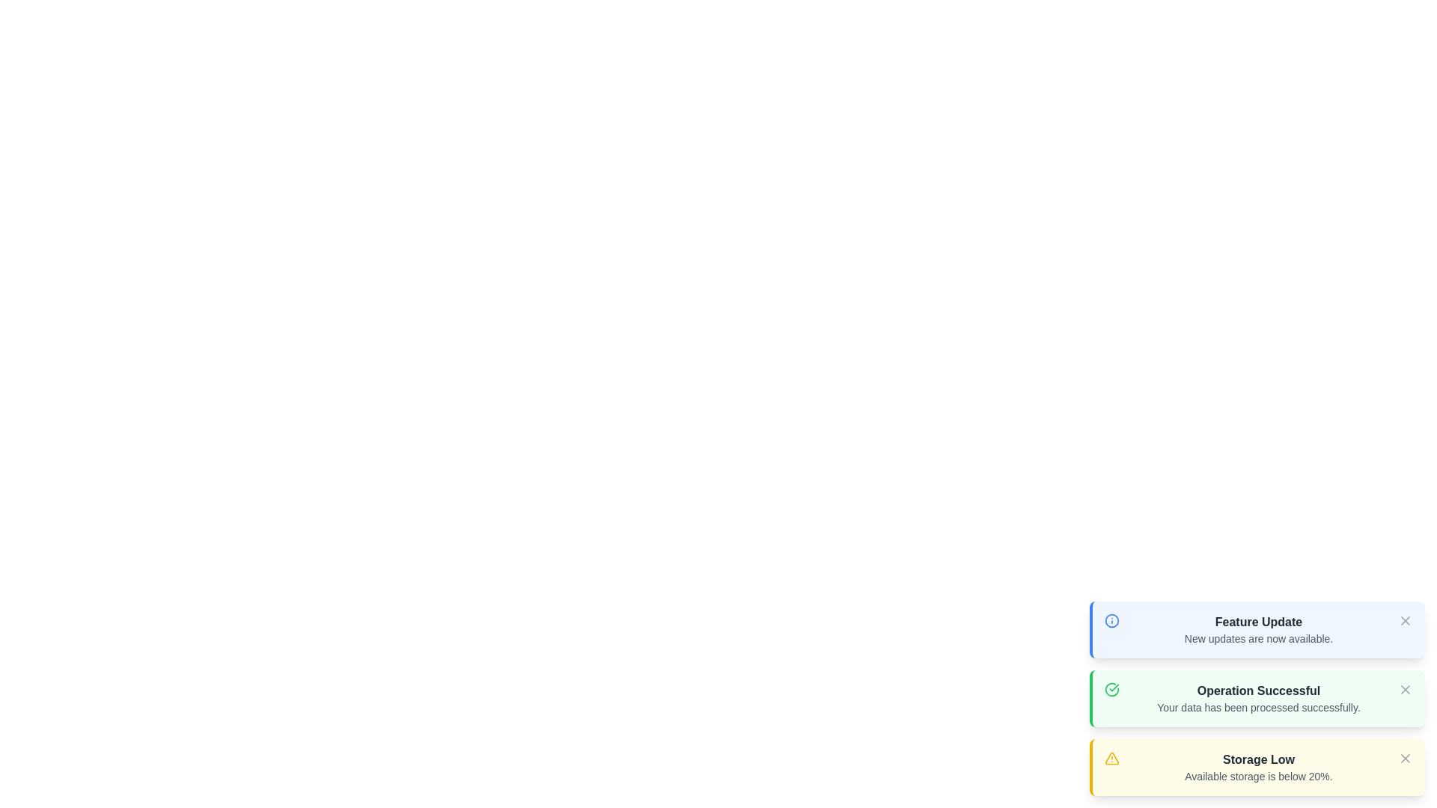 The height and width of the screenshot is (808, 1437). Describe the element at coordinates (1404, 689) in the screenshot. I see `close button of the notification titled 'Operation Successful'` at that location.